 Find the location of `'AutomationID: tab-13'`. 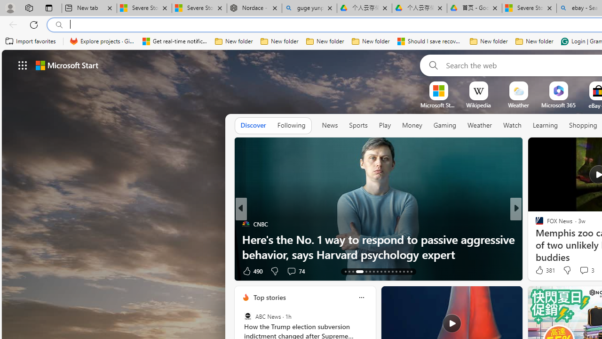

'AutomationID: tab-13' is located at coordinates (345, 272).